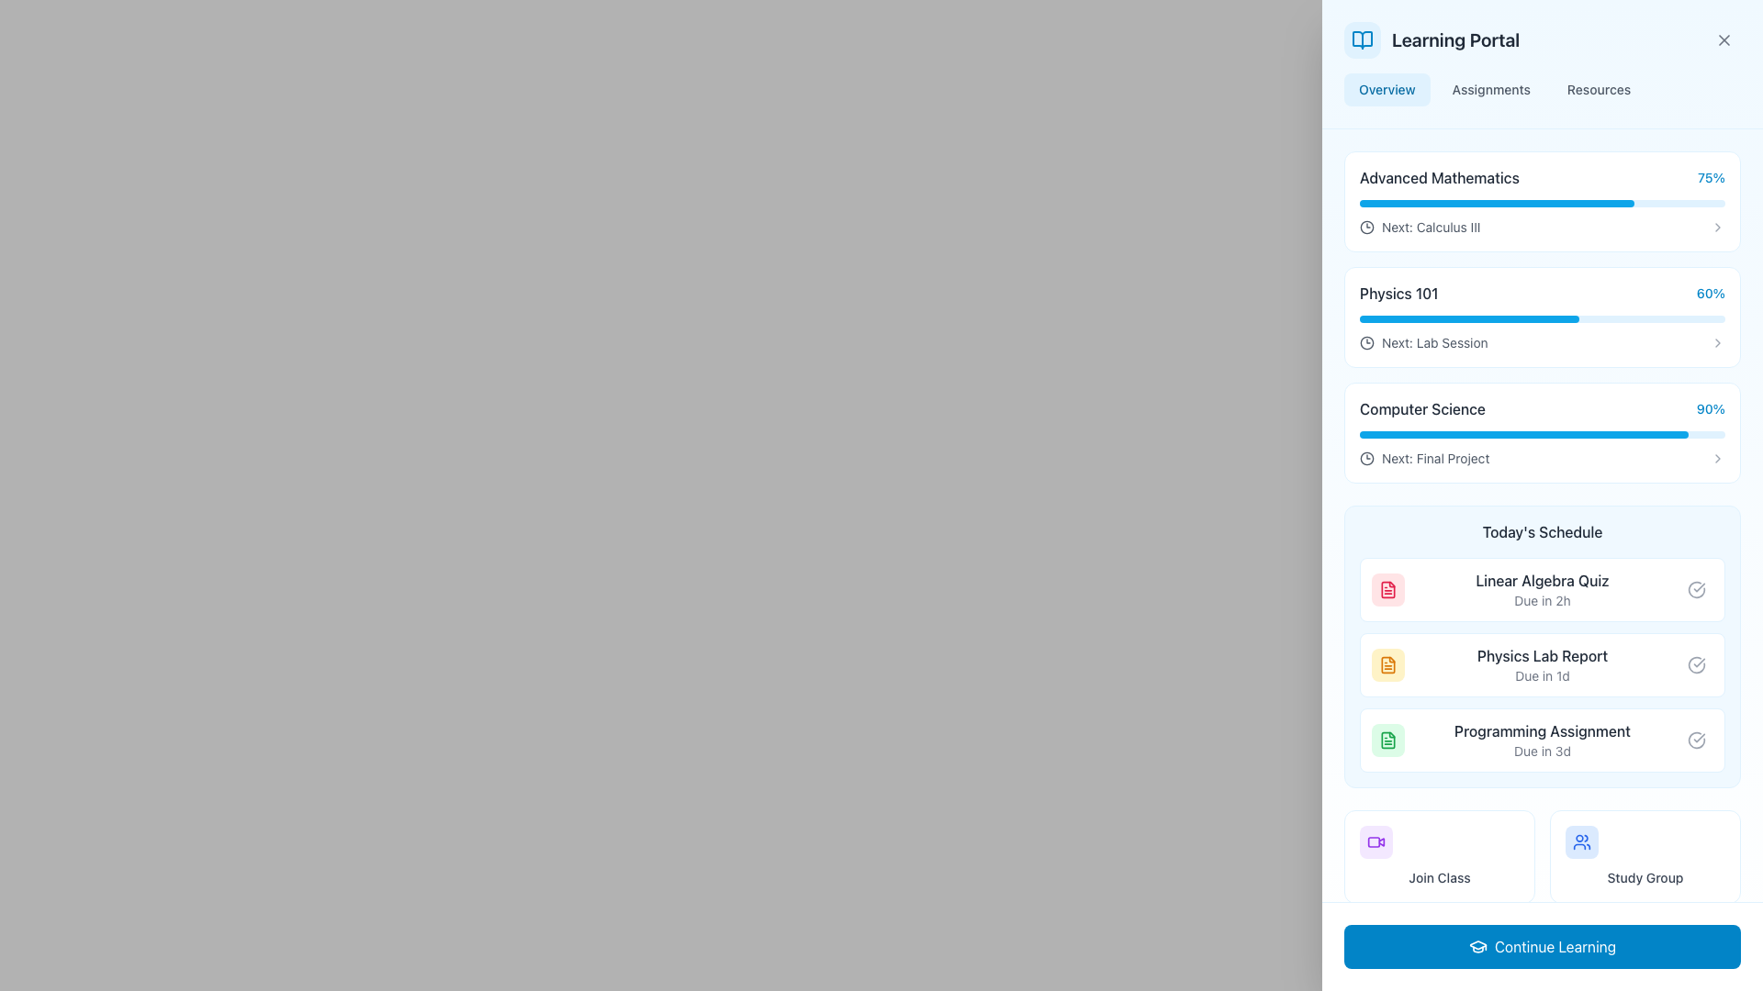 Image resolution: width=1763 pixels, height=991 pixels. I want to click on the status indicator button located, so click(1696, 665).